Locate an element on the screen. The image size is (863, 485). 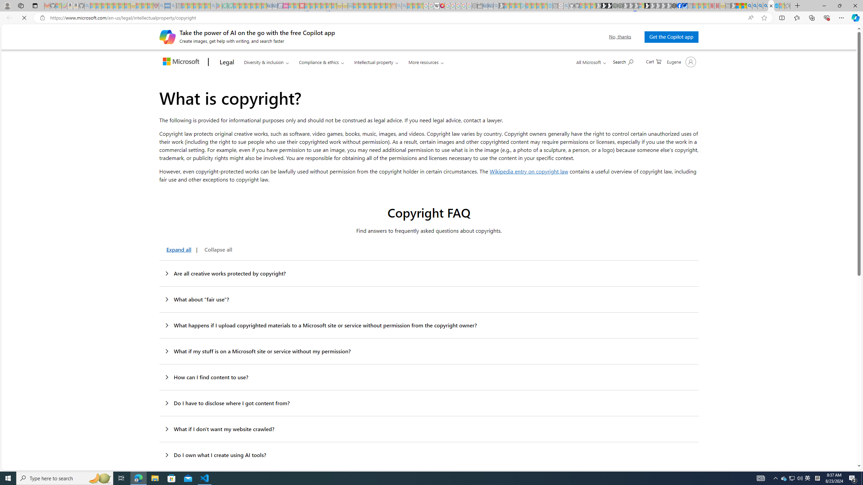
'Are all creative works protected by copyright?' is located at coordinates (428, 273).